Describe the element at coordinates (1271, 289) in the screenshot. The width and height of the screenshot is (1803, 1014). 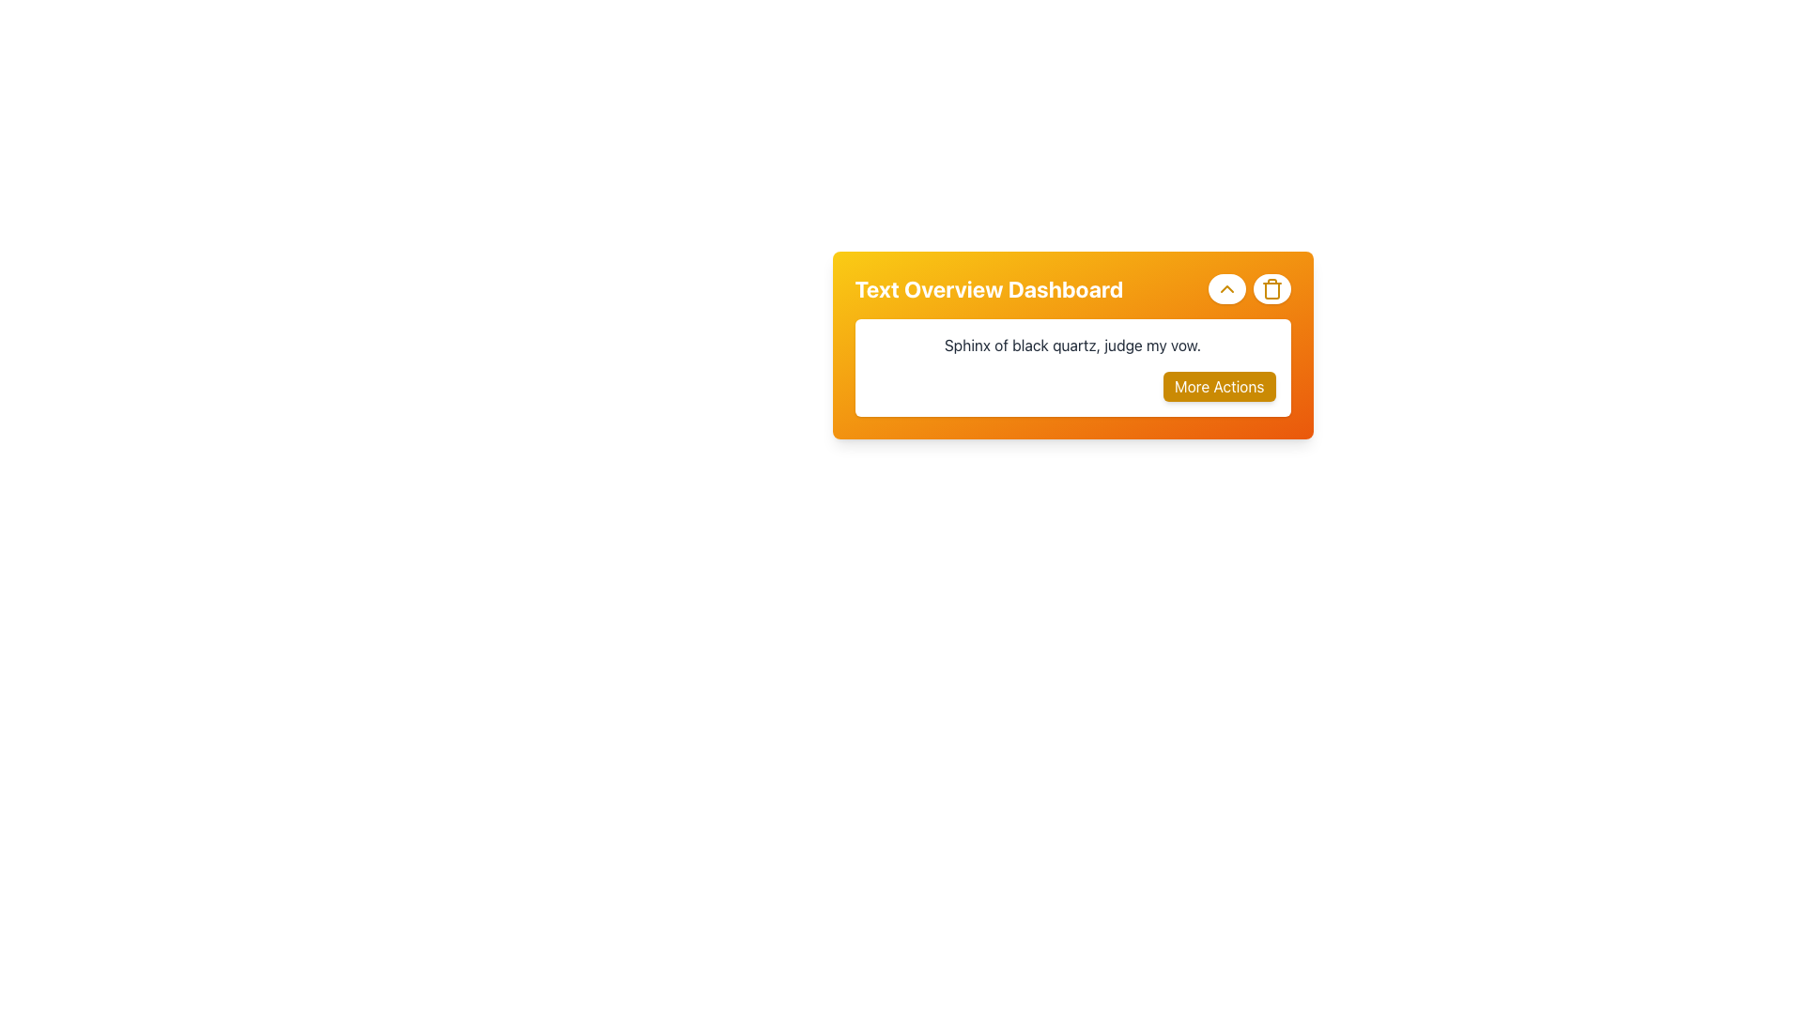
I see `the trash icon button located at the top-right corner of the card interface` at that location.